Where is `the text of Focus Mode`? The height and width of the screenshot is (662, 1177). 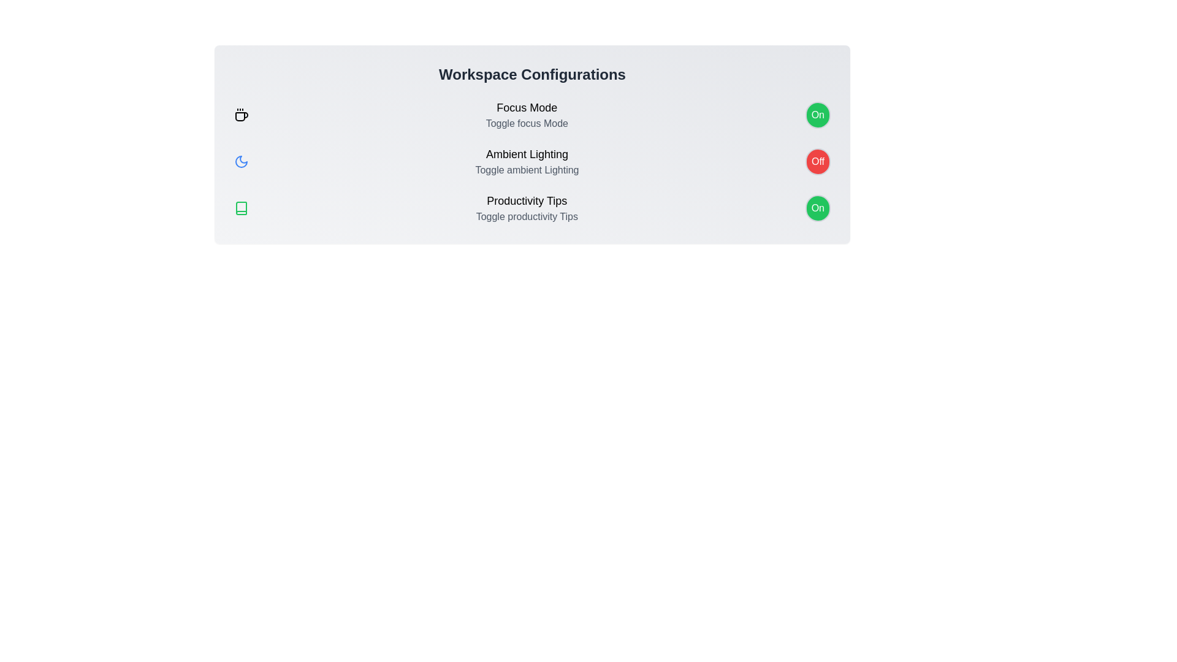 the text of Focus Mode is located at coordinates (527, 107).